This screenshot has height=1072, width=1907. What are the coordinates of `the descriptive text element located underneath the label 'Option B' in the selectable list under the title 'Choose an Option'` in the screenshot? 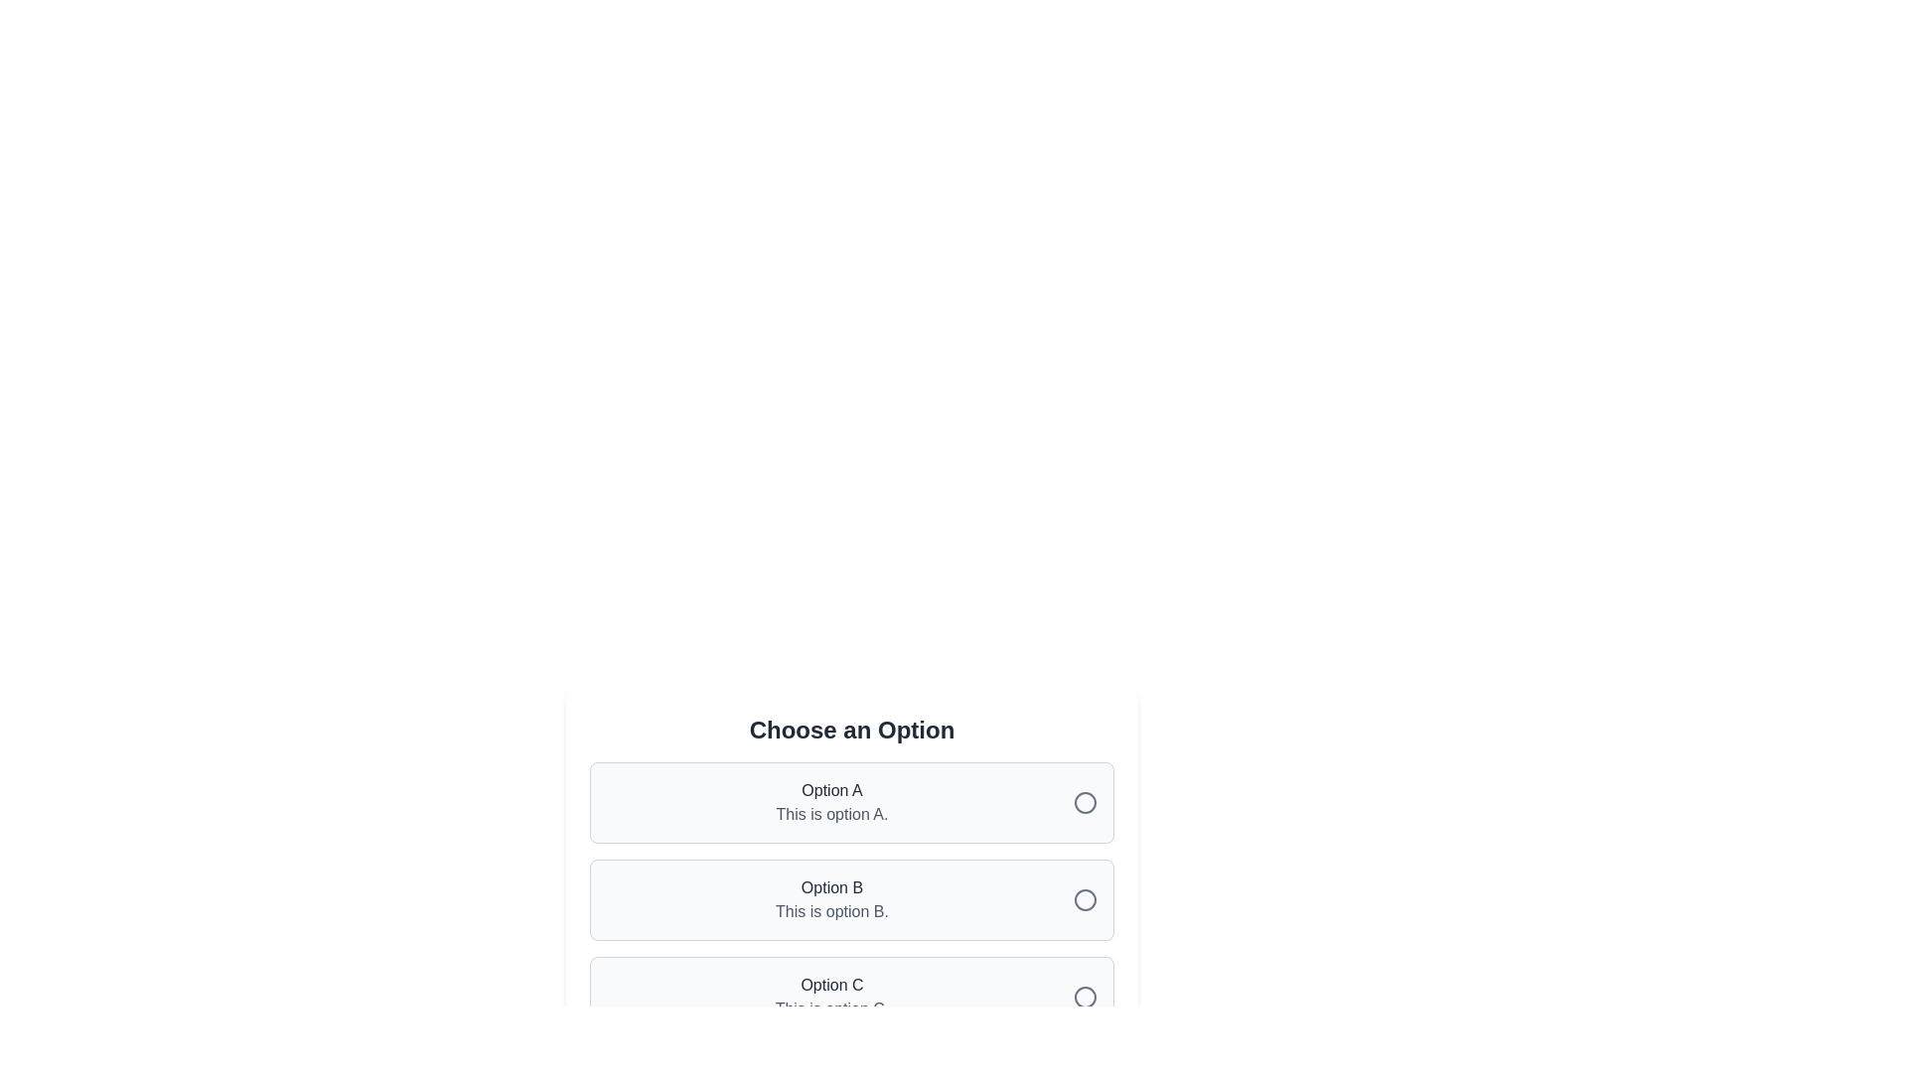 It's located at (832, 911).